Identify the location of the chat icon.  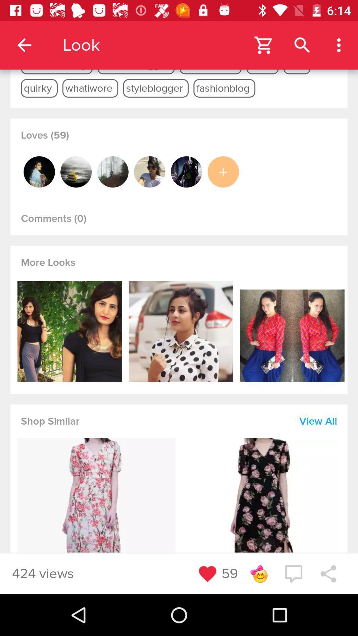
(293, 573).